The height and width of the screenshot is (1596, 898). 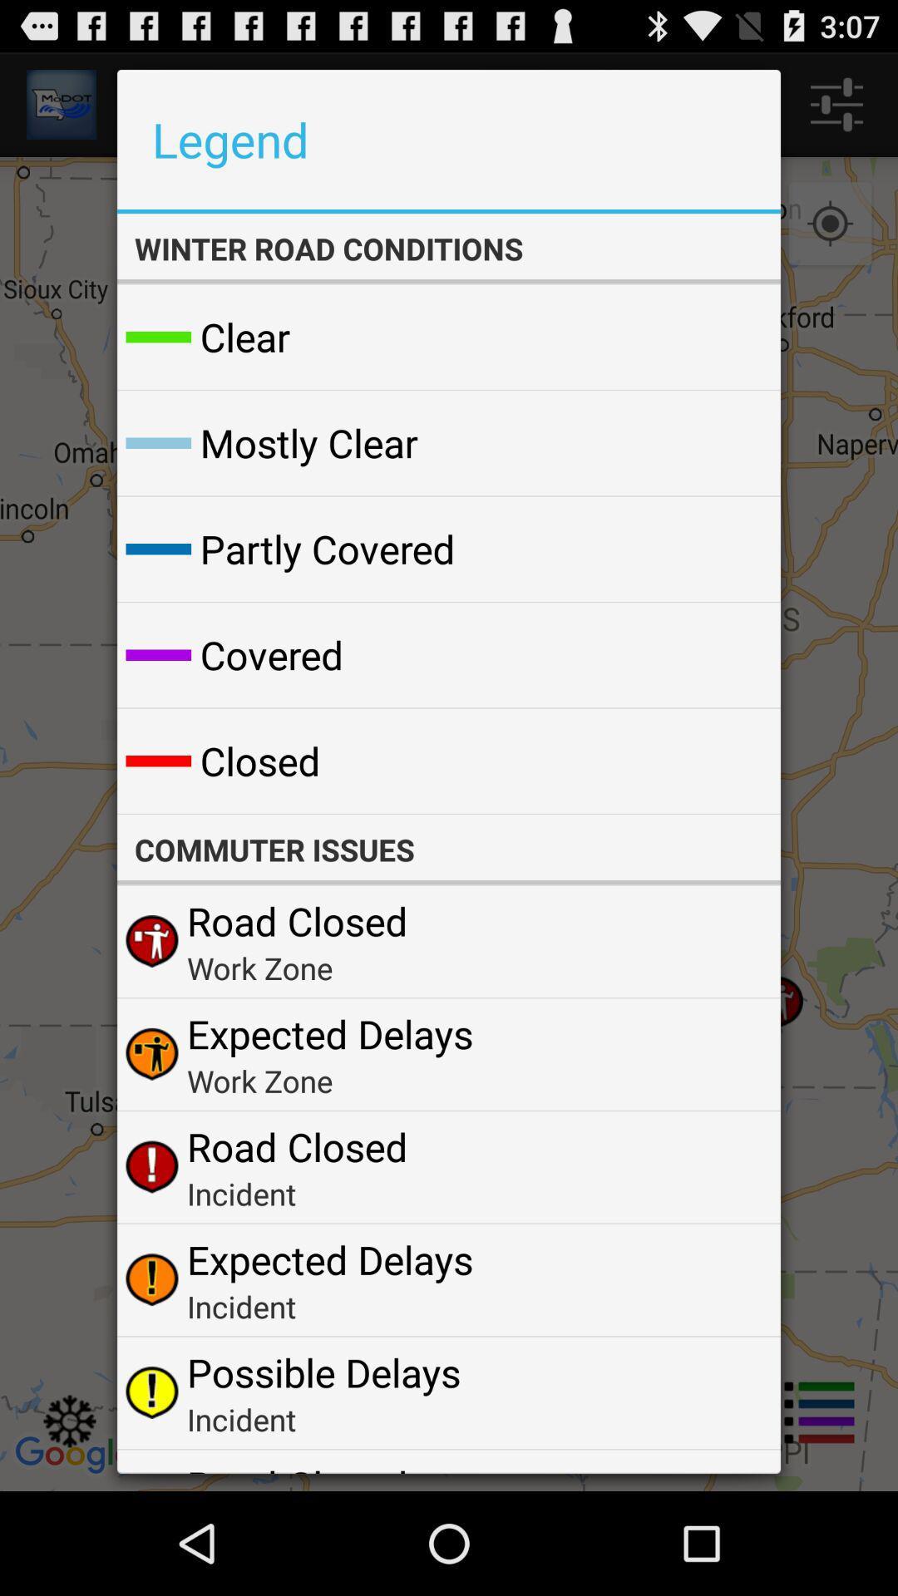 What do you see at coordinates (727, 1467) in the screenshot?
I see `the app next to road closed item` at bounding box center [727, 1467].